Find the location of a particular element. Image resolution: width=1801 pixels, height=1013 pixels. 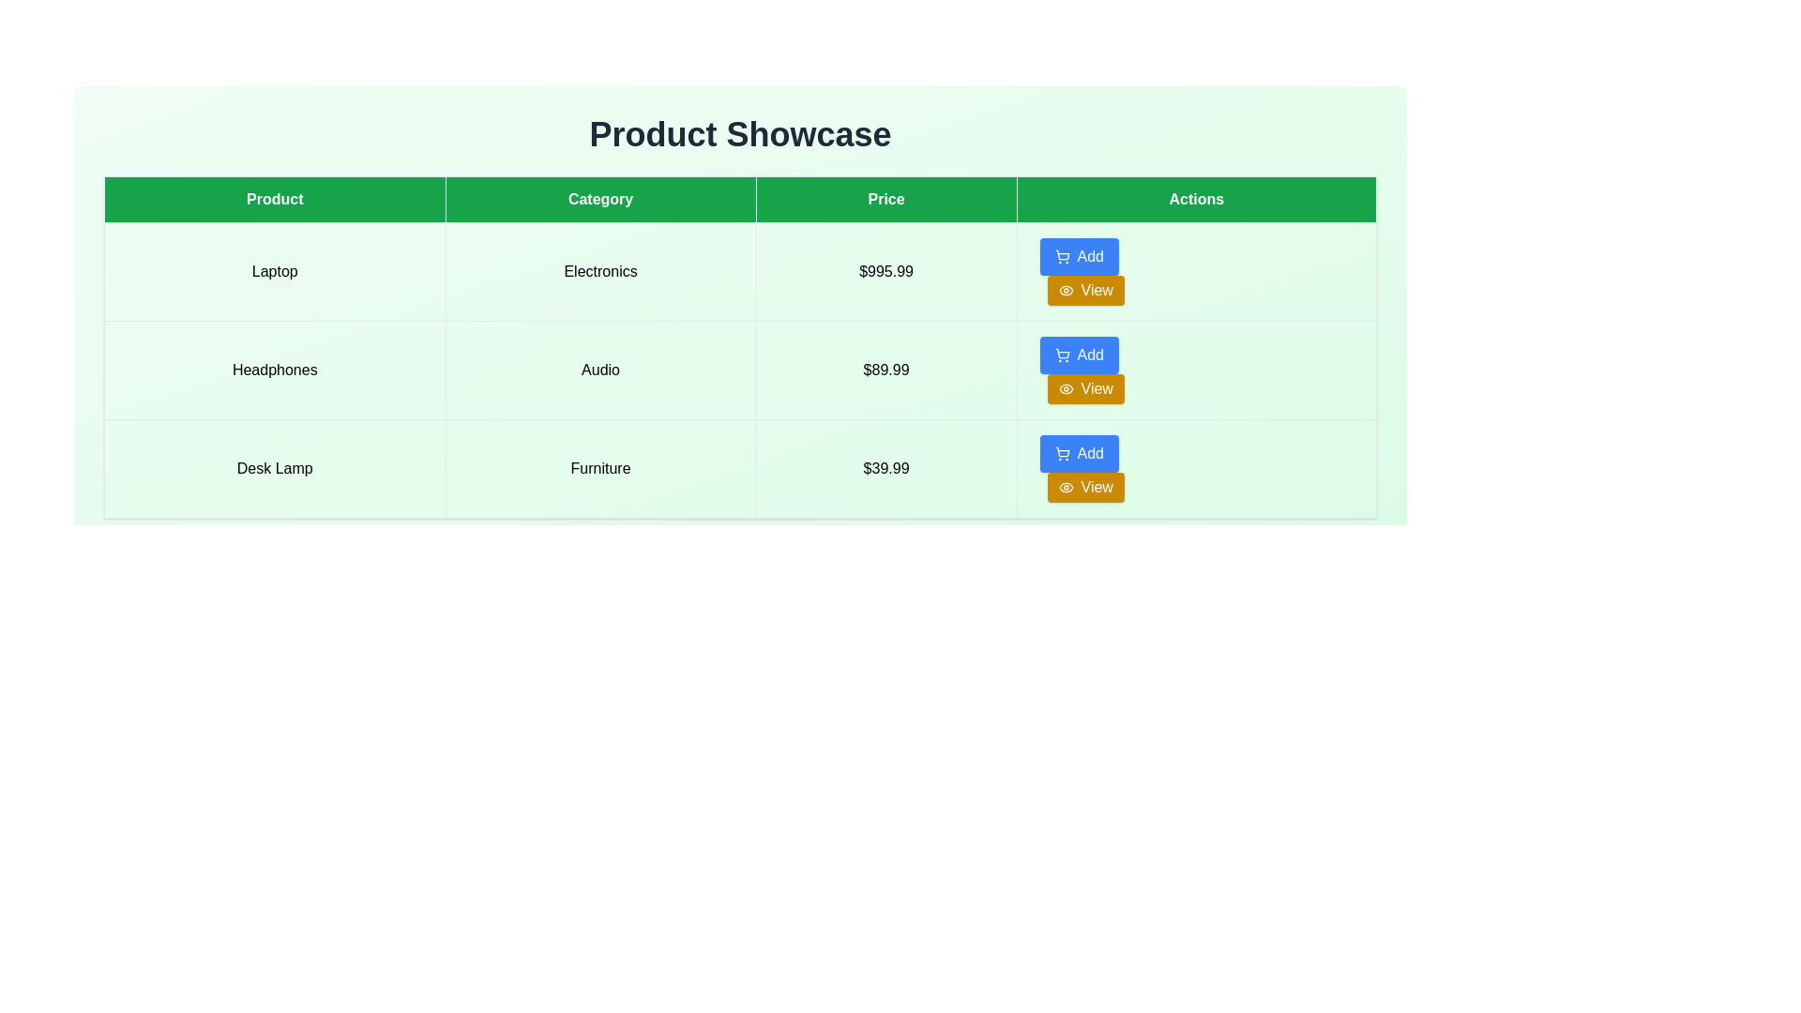

the green rectangular table header labeled 'Actions', which is the last header in the row of table headers is located at coordinates (1195, 199).